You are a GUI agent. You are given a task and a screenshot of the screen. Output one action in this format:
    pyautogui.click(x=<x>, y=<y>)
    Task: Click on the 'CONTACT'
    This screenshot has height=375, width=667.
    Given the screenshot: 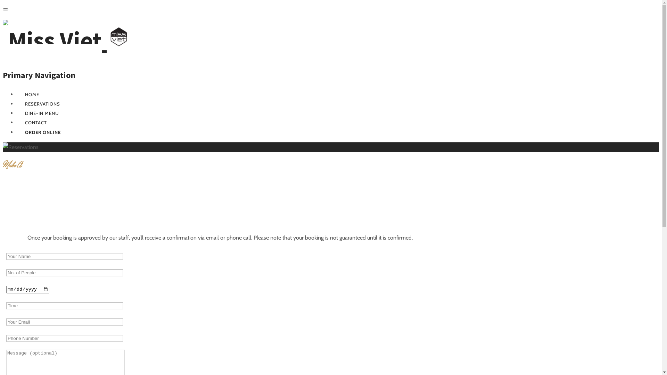 What is the action you would take?
    pyautogui.click(x=35, y=122)
    